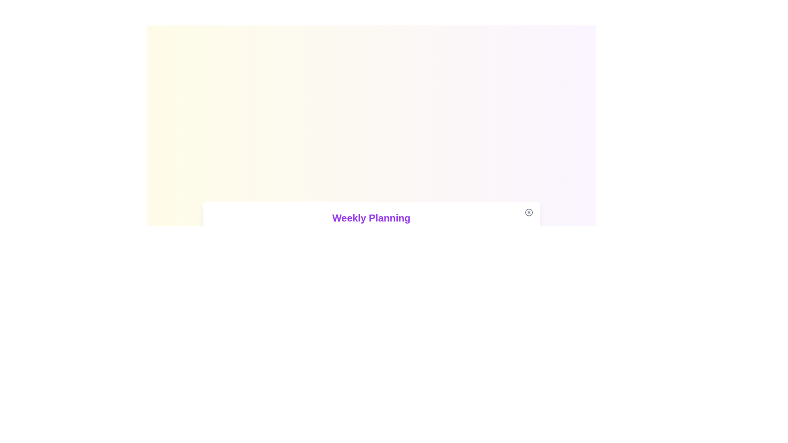 This screenshot has height=443, width=788. I want to click on the close button of the Weekly Planning dialog, so click(529, 212).